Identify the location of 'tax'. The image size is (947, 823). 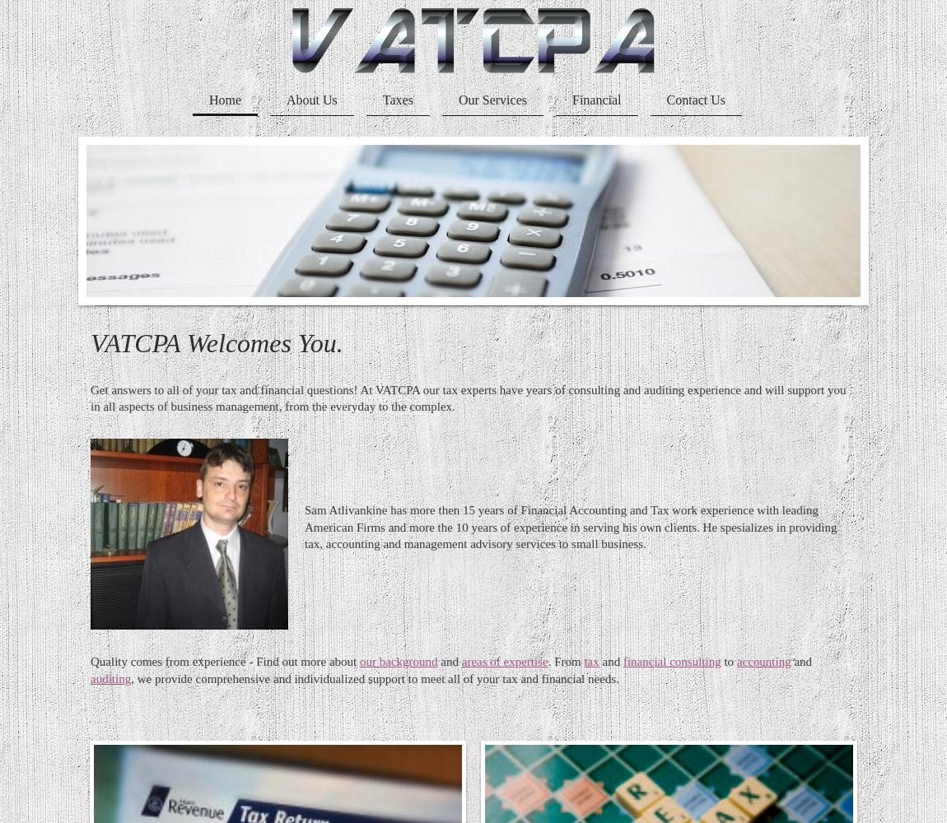
(590, 662).